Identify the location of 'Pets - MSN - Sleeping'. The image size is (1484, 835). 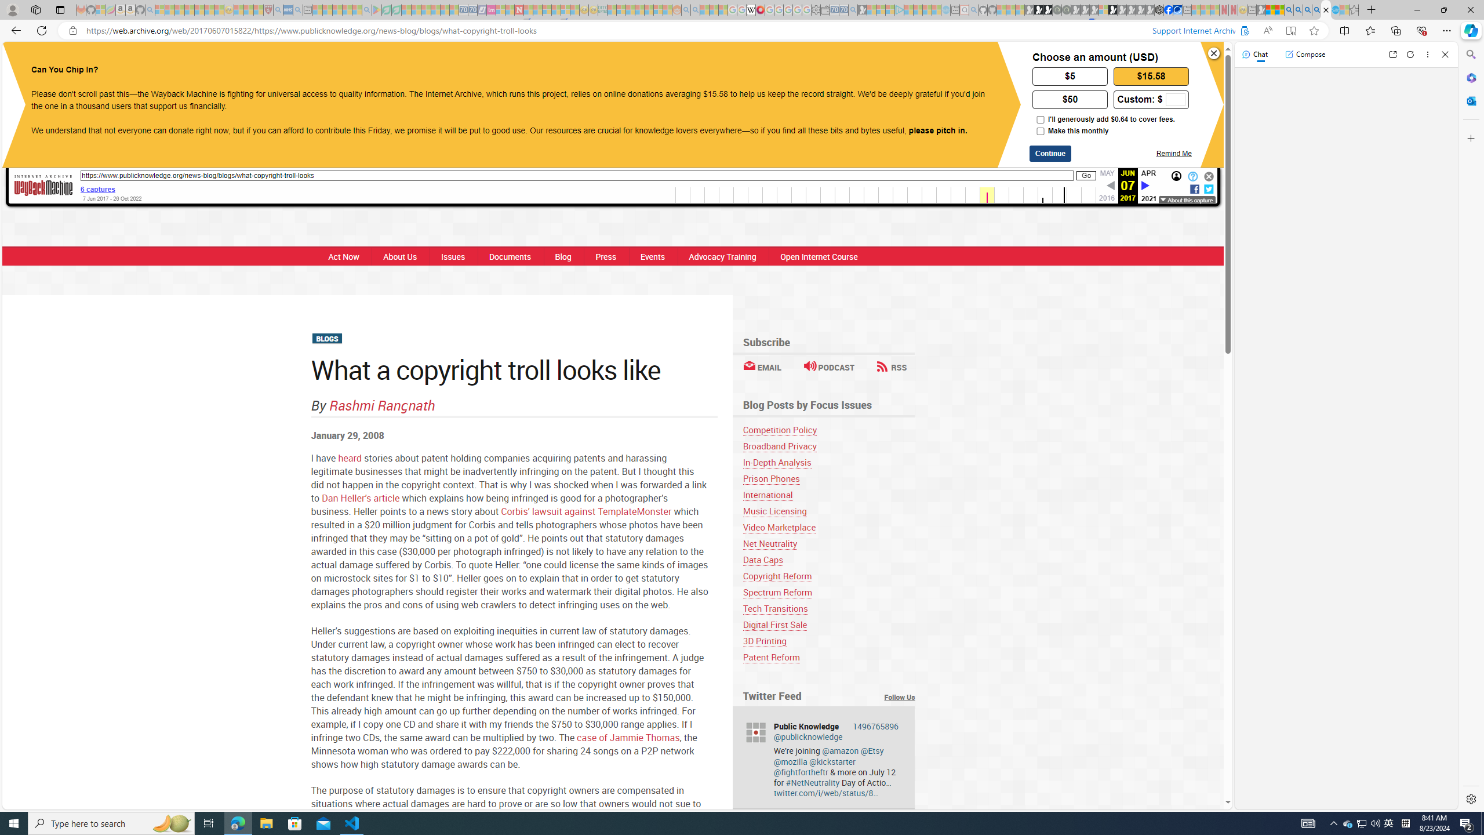
(347, 9).